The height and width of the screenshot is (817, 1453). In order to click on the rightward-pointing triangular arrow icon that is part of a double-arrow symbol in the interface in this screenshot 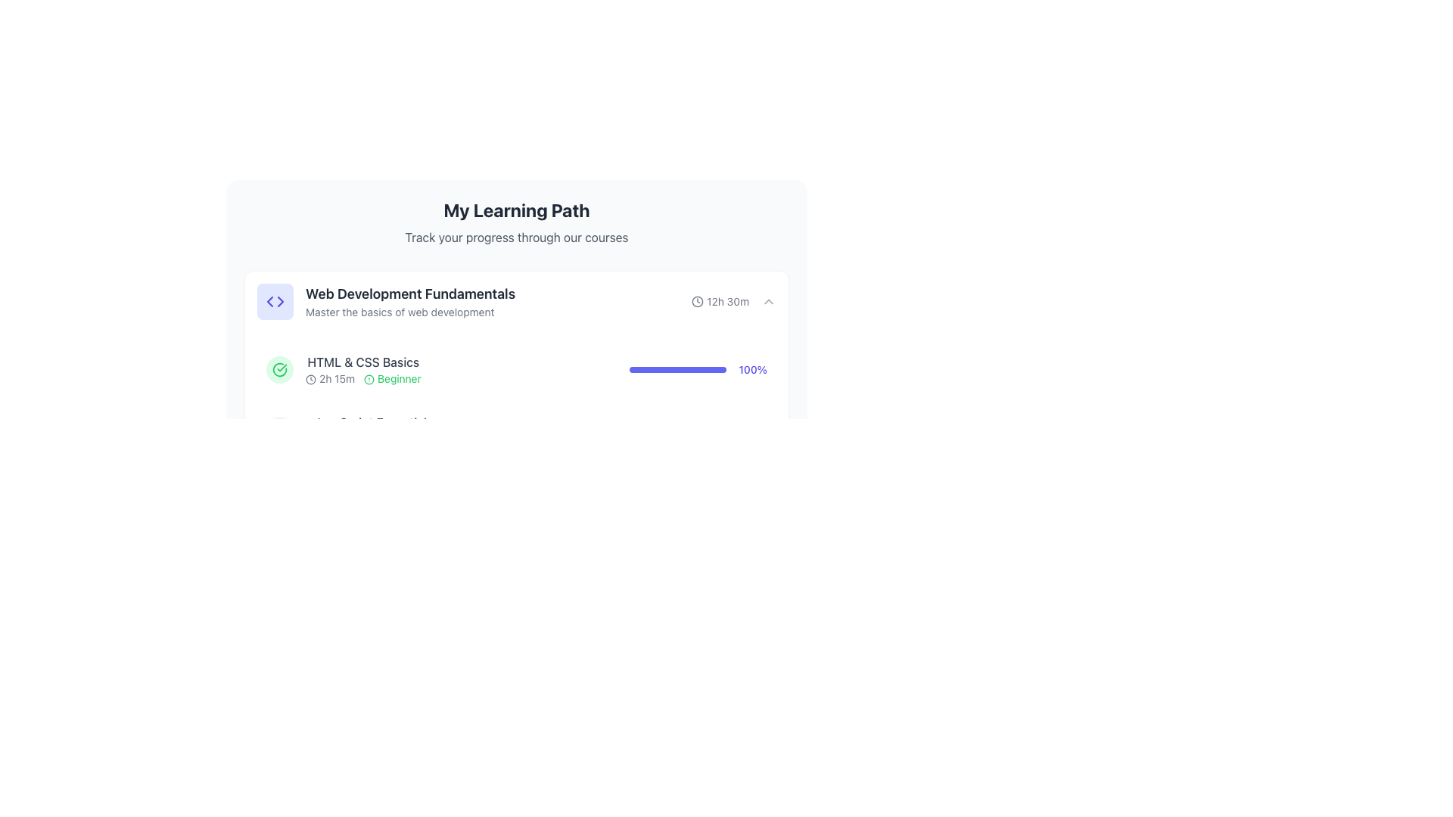, I will do `click(280, 301)`.